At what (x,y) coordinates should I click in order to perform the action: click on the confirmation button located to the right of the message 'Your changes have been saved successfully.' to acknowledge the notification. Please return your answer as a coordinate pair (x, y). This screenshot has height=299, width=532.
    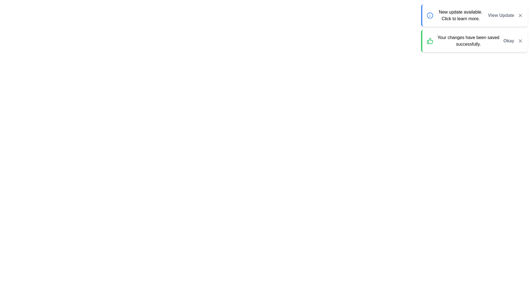
    Looking at the image, I should click on (509, 40).